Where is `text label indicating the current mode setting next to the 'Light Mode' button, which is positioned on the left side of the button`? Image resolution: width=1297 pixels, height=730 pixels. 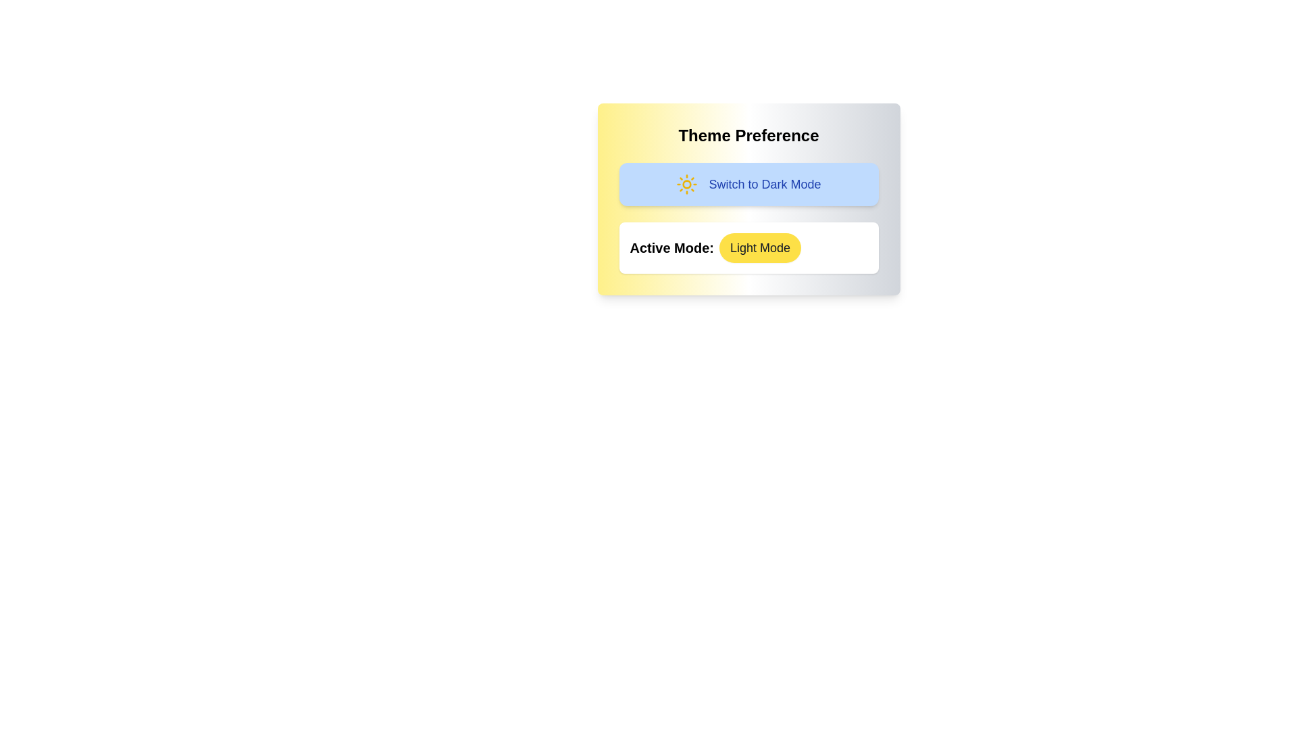
text label indicating the current mode setting next to the 'Light Mode' button, which is positioned on the left side of the button is located at coordinates (671, 247).